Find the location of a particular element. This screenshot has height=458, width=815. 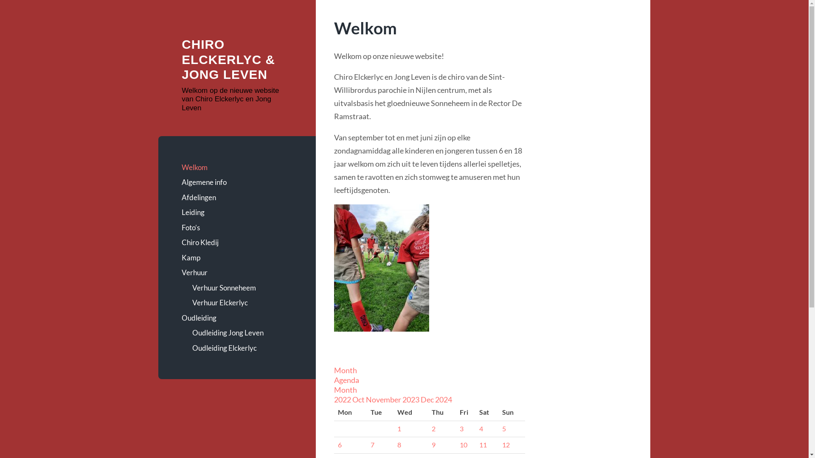

'CHIRO ELCKERLYC & JONG LEVEN' is located at coordinates (228, 59).